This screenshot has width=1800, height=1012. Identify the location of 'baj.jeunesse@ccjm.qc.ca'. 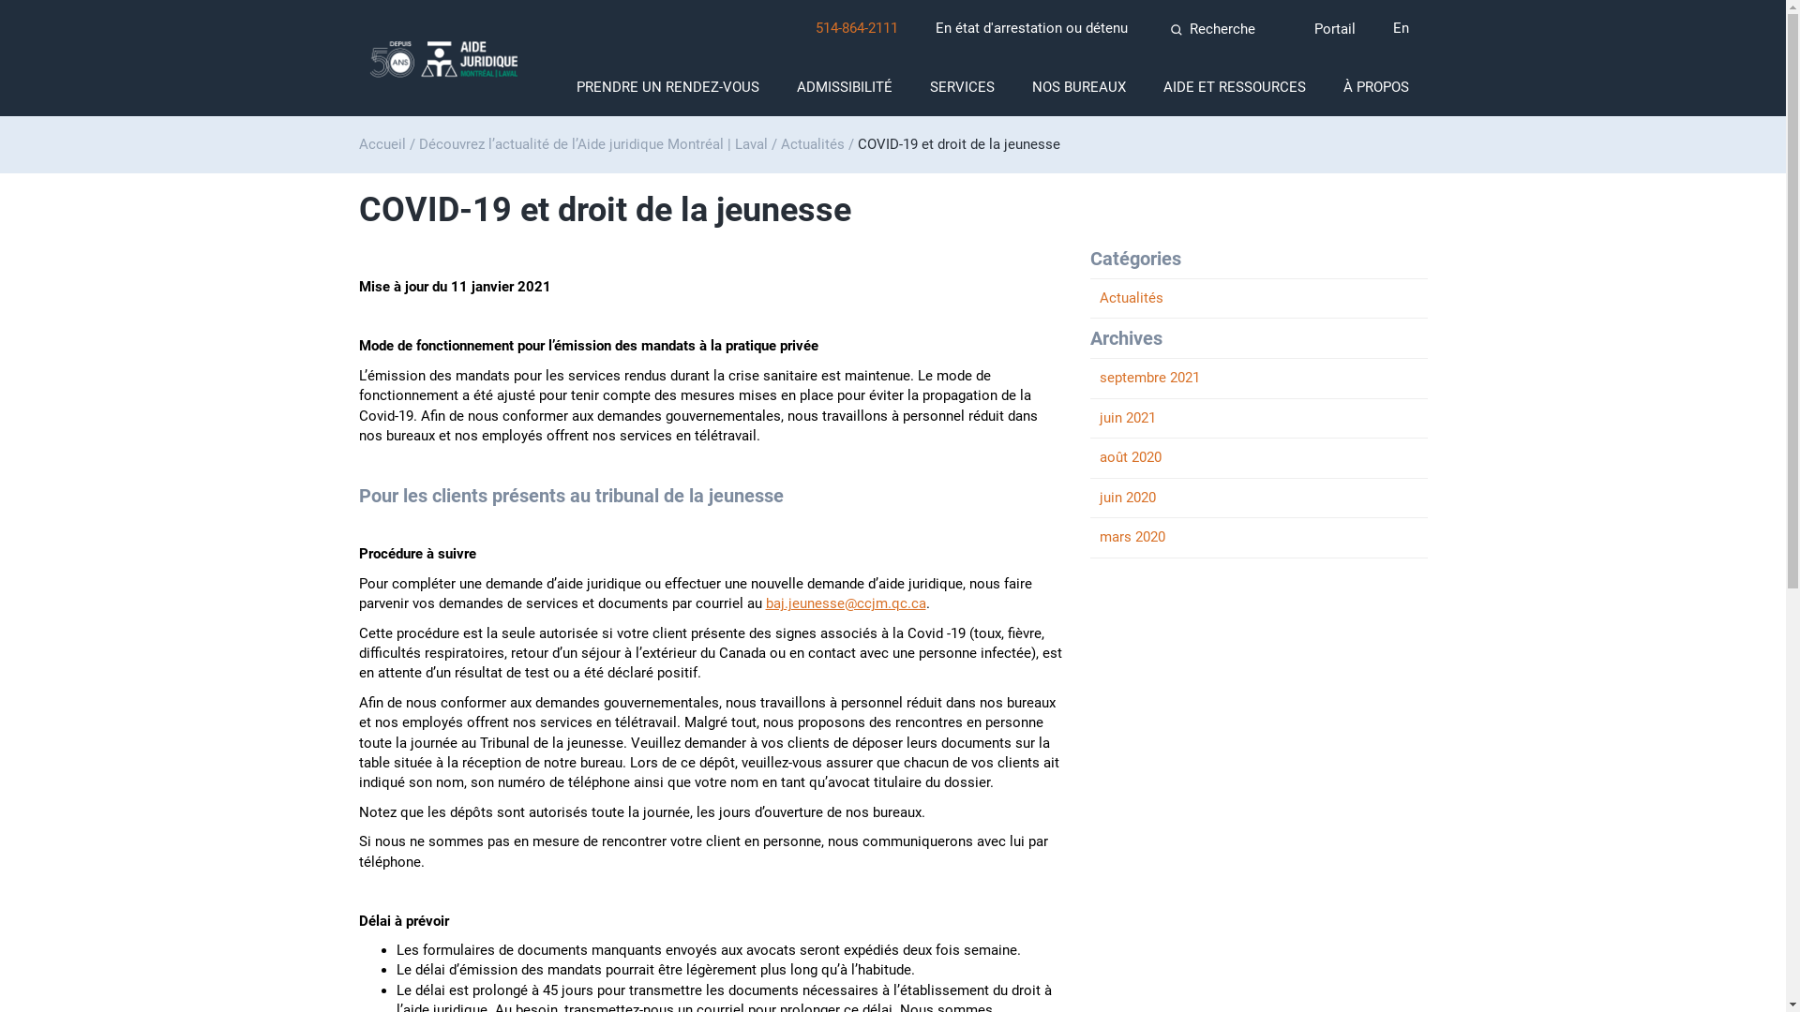
(844, 603).